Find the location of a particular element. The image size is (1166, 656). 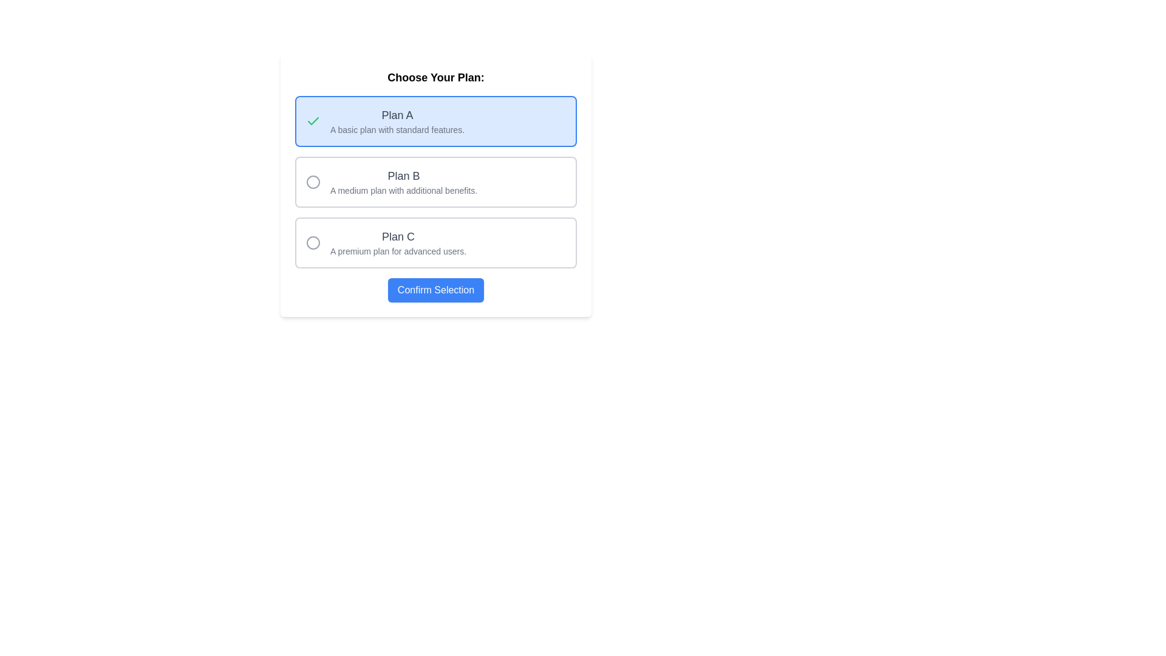

the visual indicator that signifies the 'Plan A' option is selected in the interface, located to the left of the text describing this plan is located at coordinates (313, 121).